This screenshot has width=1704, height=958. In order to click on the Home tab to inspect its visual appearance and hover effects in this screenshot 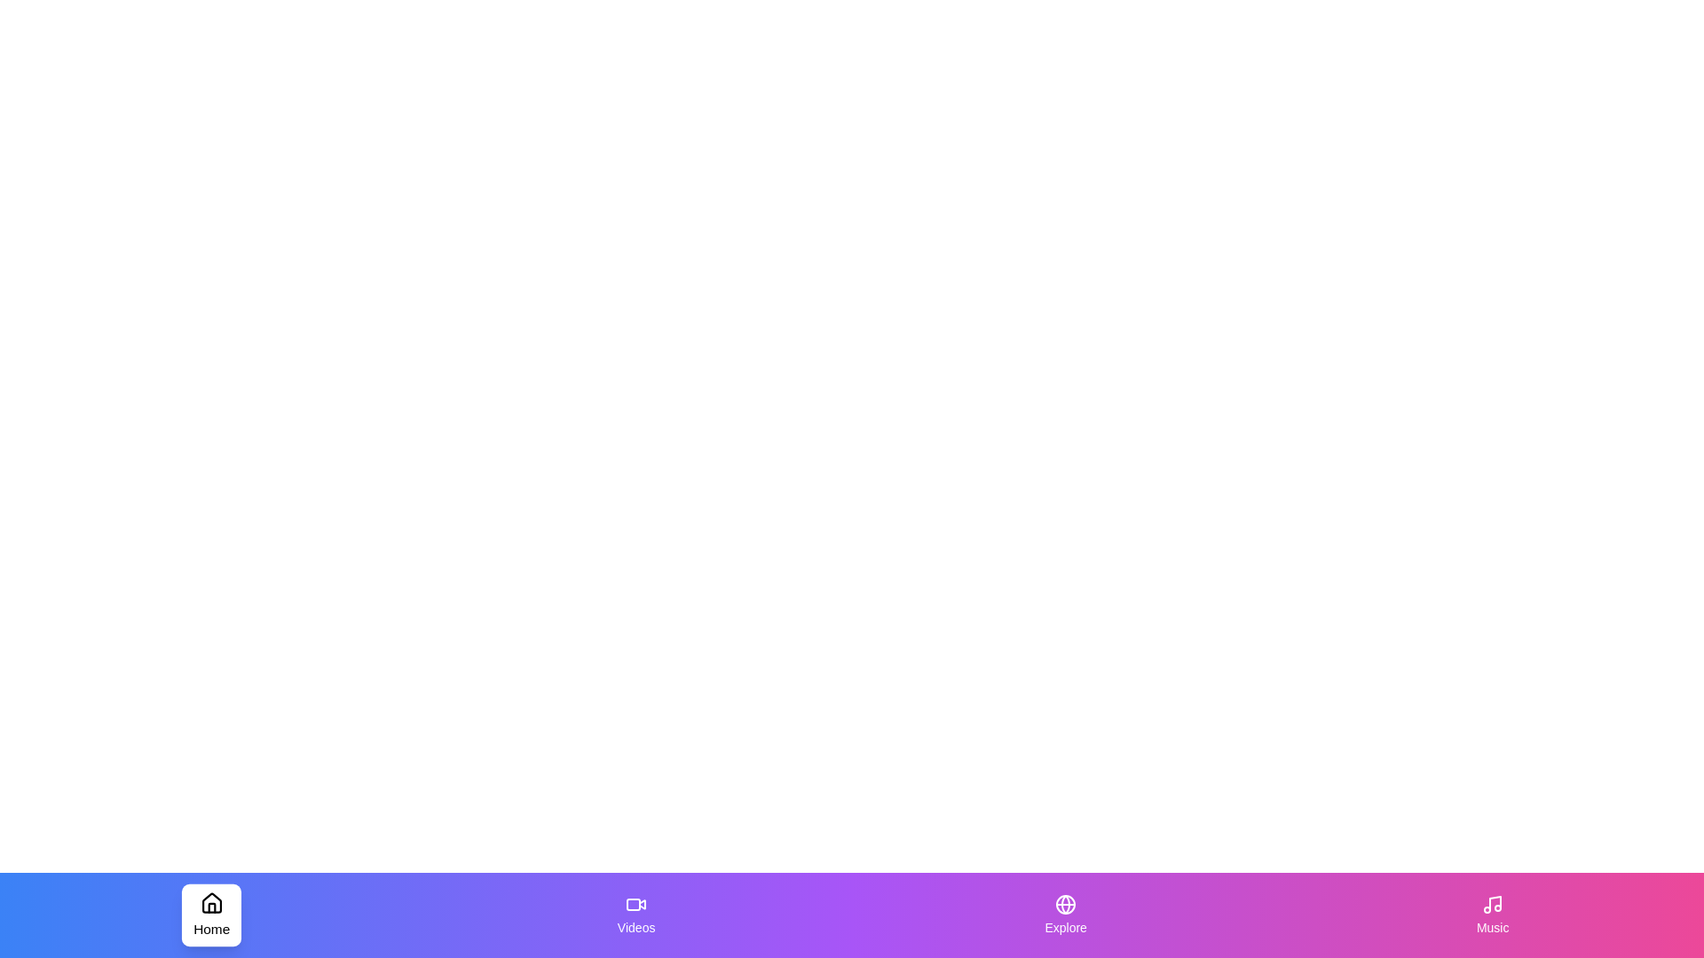, I will do `click(211, 915)`.